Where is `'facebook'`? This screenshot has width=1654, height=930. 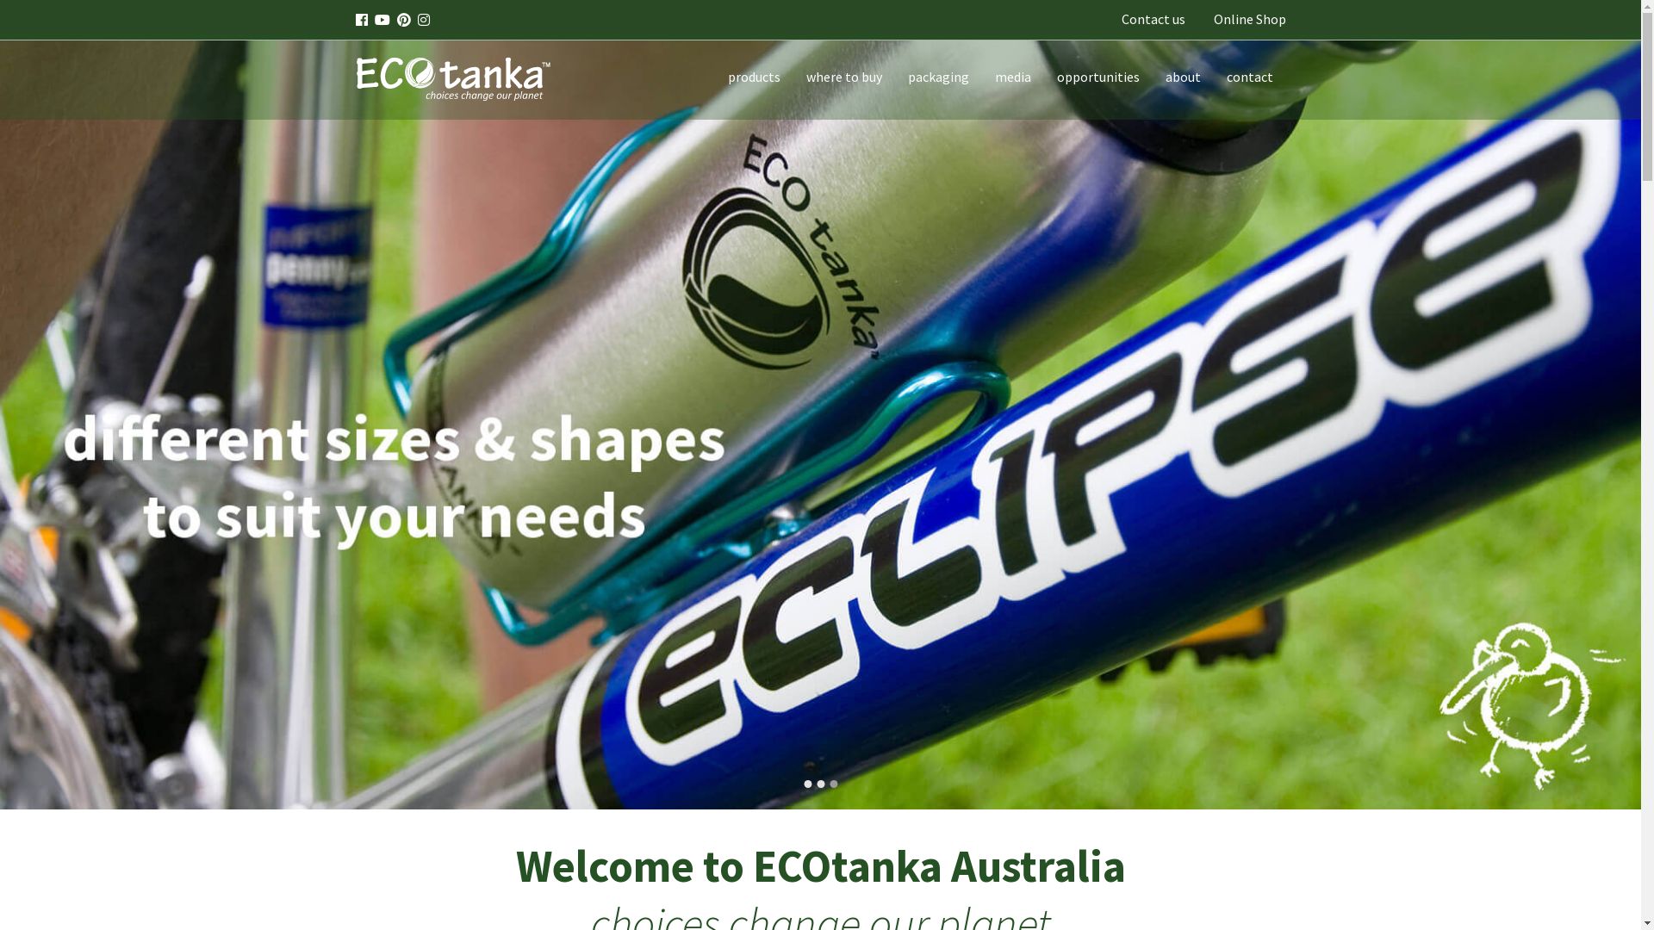 'facebook' is located at coordinates (359, 20).